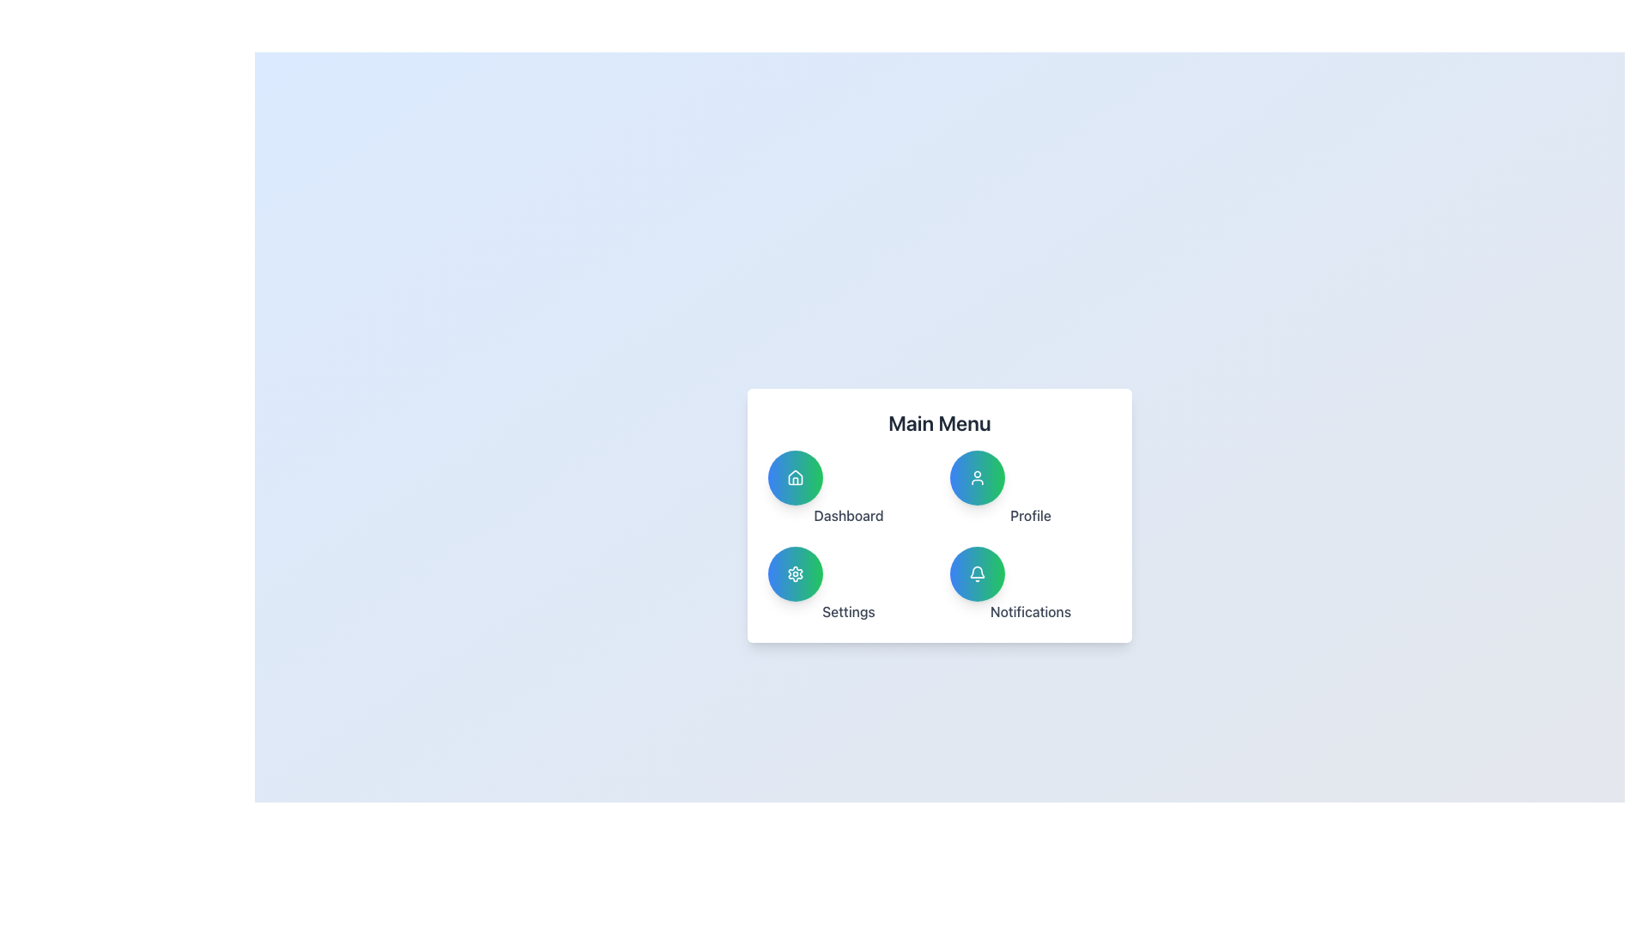 The height and width of the screenshot is (927, 1648). What do you see at coordinates (977, 477) in the screenshot?
I see `the user silhouette icon, which is centered inside a circular button with a gradient background in the top-right section of the menu grid` at bounding box center [977, 477].